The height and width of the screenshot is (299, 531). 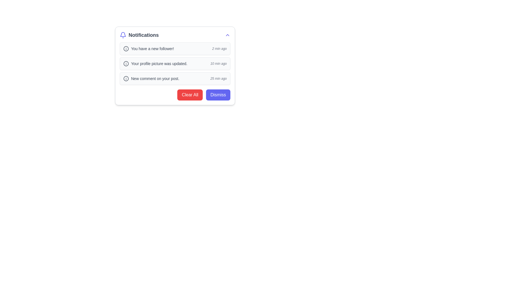 What do you see at coordinates (175, 48) in the screenshot?
I see `on the notification item indicating 'You have a new follower!' located at the top of the notification panel` at bounding box center [175, 48].